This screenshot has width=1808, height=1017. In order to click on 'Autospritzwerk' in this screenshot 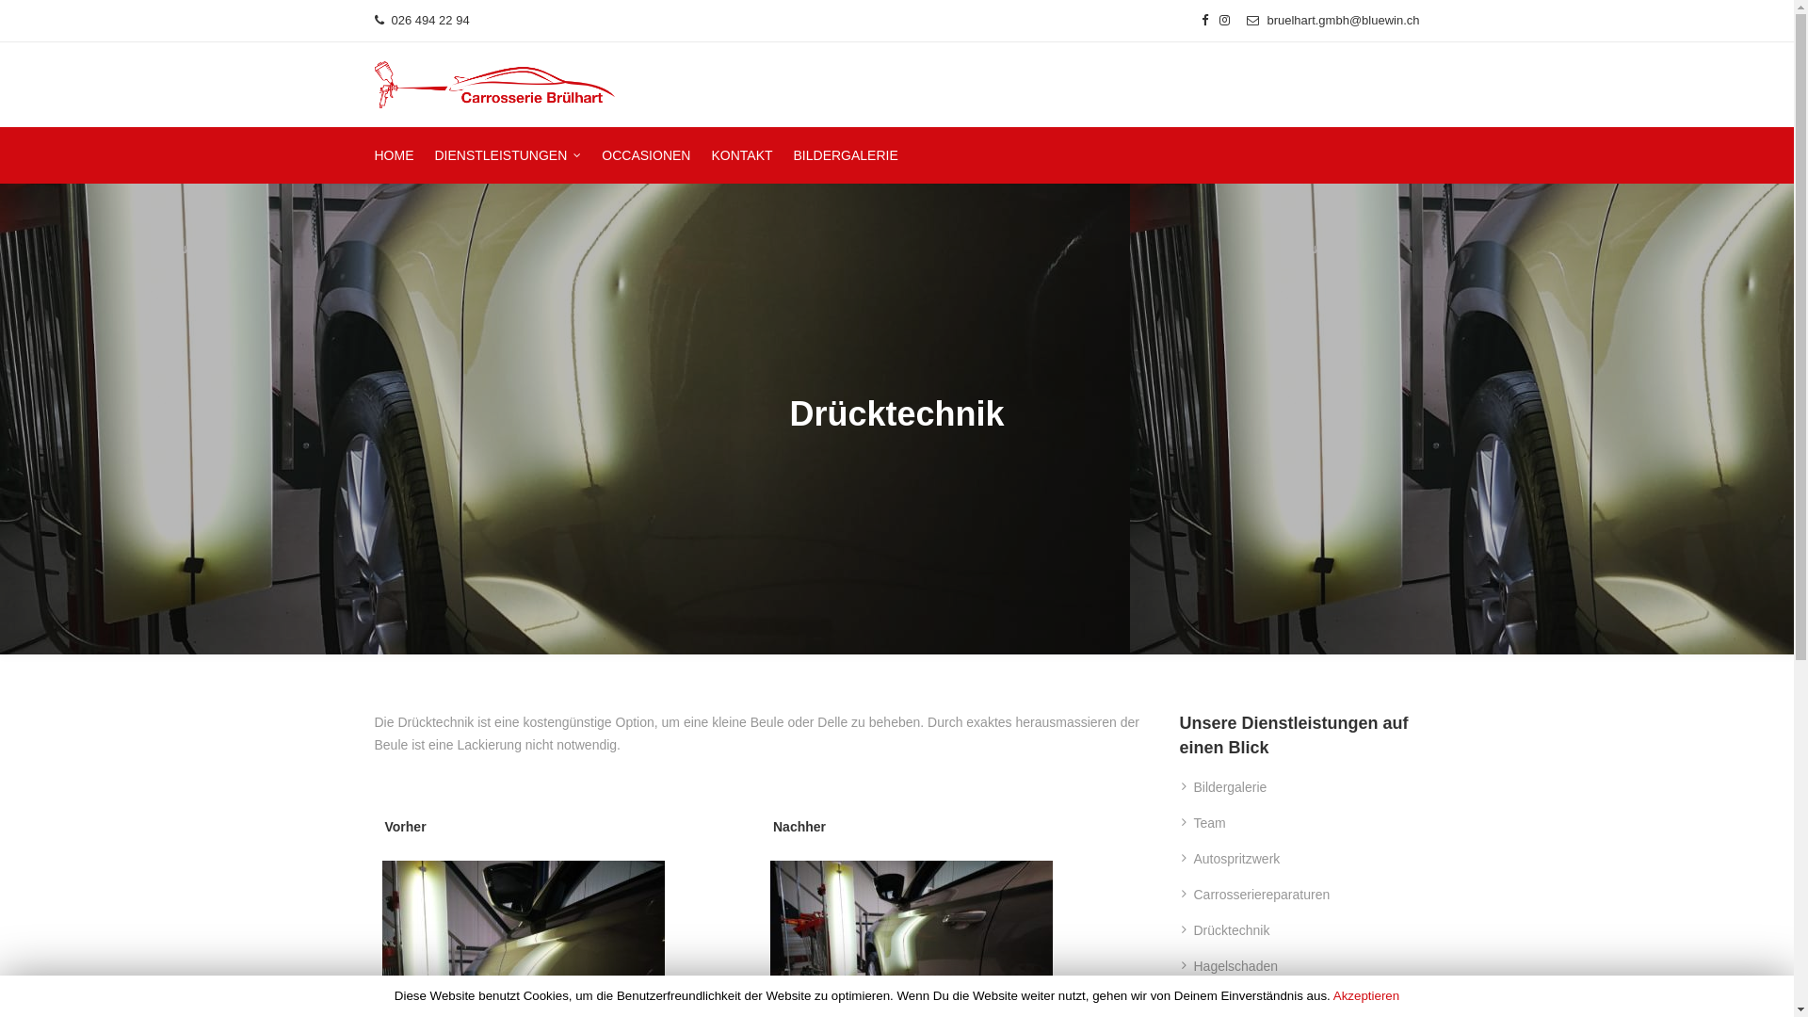, I will do `click(1237, 858)`.